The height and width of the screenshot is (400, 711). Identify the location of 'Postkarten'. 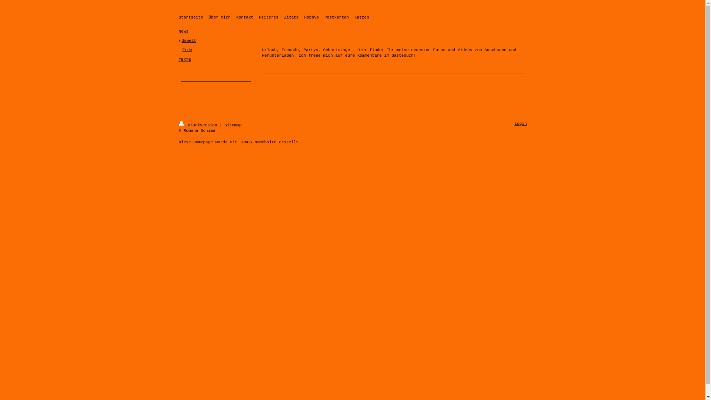
(336, 17).